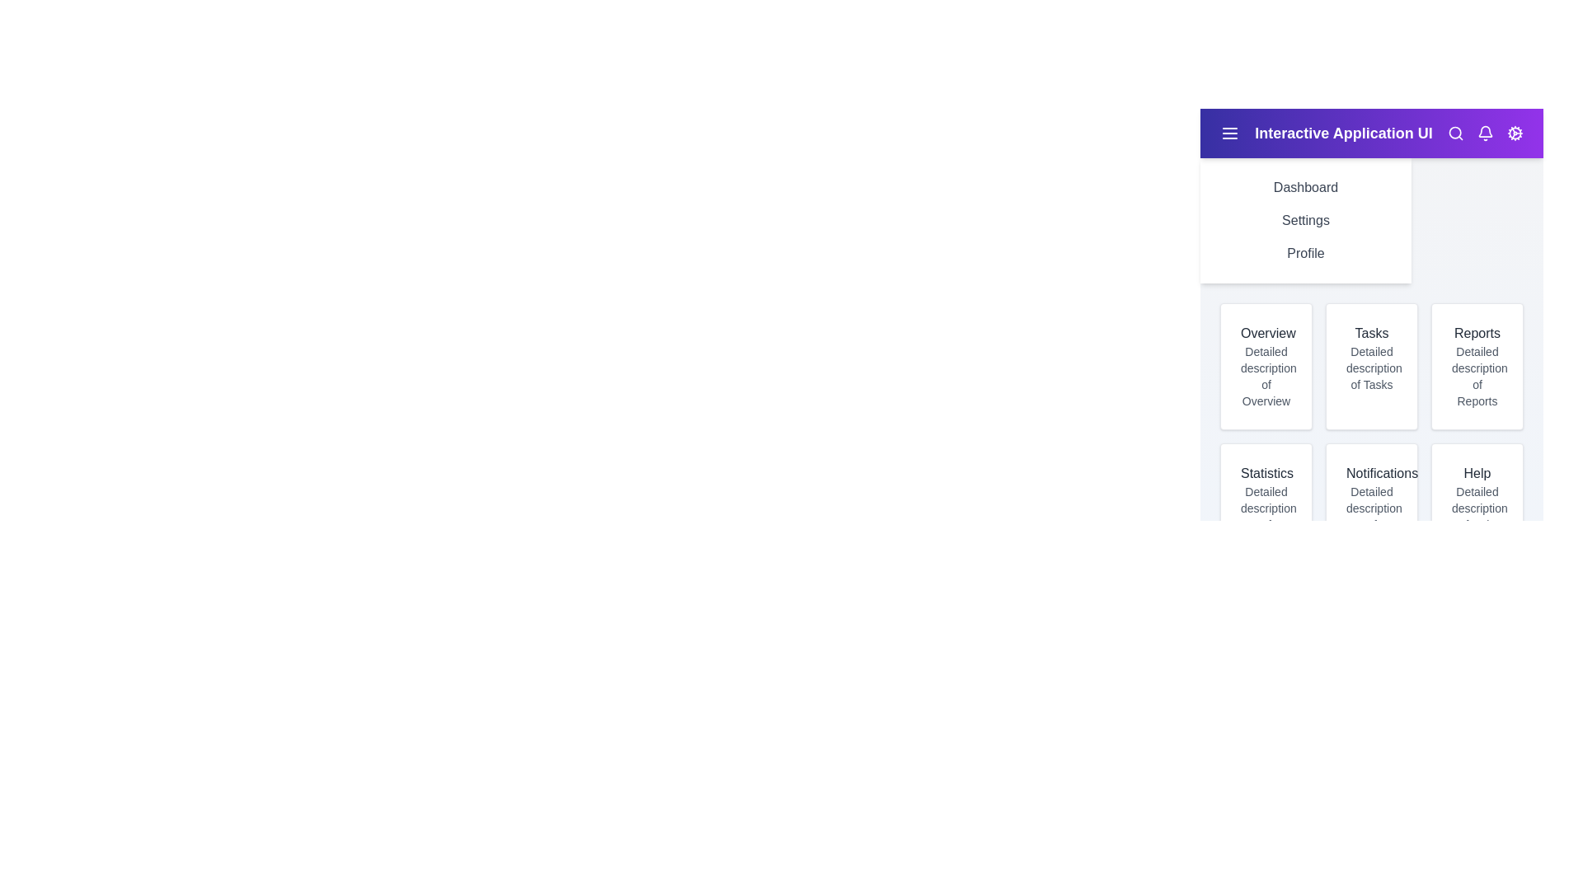 The height and width of the screenshot is (890, 1583). What do you see at coordinates (1305, 186) in the screenshot?
I see `the sidebar menu item Dashboard` at bounding box center [1305, 186].